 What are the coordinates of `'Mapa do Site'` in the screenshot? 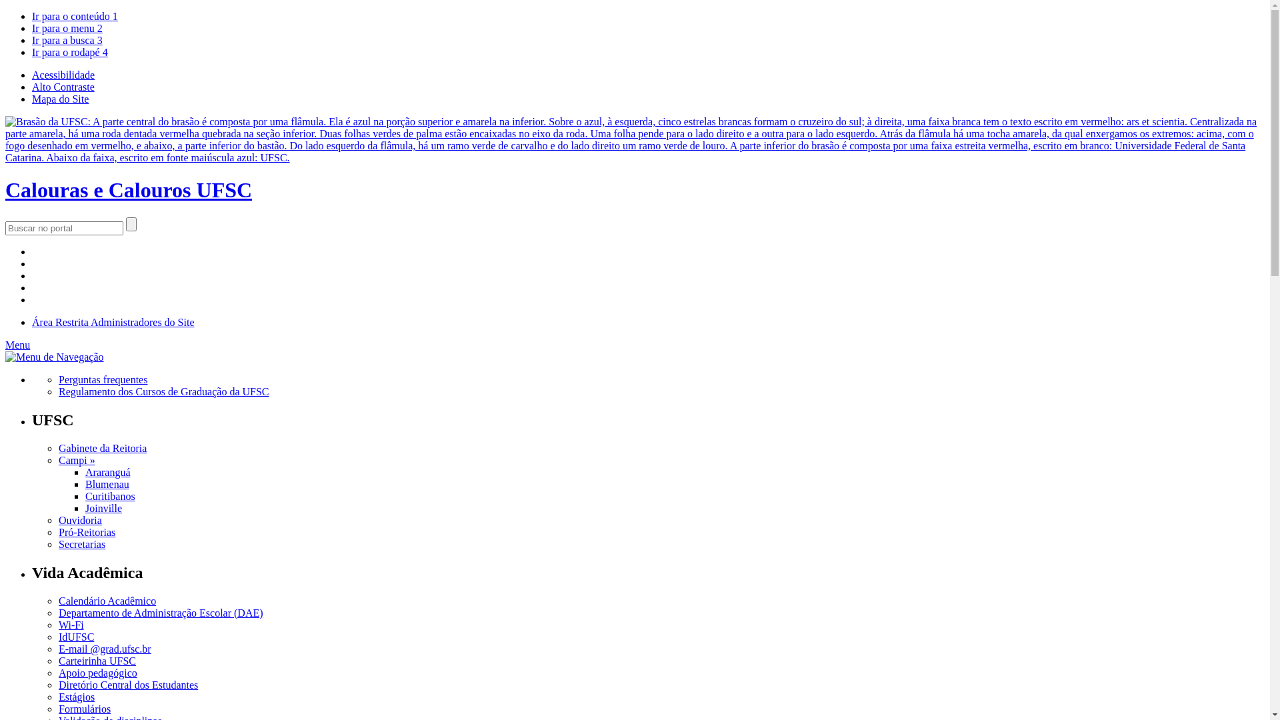 It's located at (32, 98).